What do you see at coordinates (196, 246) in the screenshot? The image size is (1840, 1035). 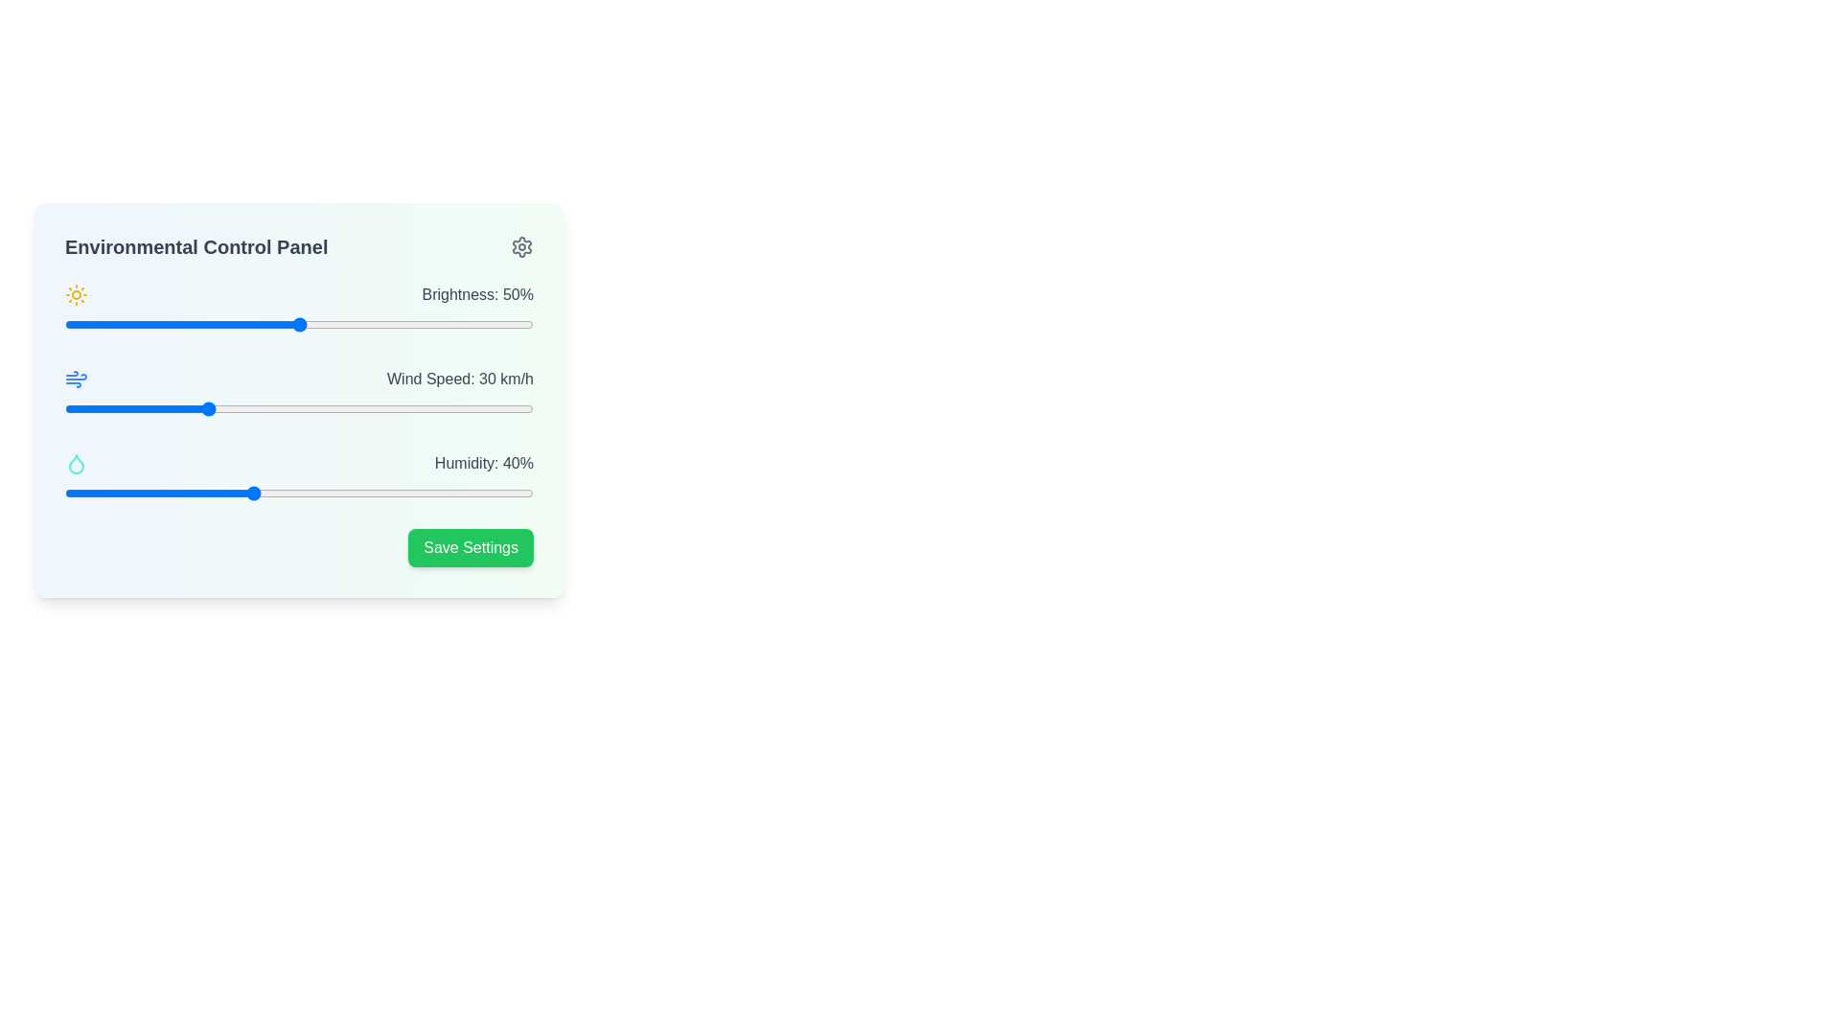 I see `the 'Environmental Control Panel' label, which displays the title in bold, gray font at the top of the environmental settings interface` at bounding box center [196, 246].